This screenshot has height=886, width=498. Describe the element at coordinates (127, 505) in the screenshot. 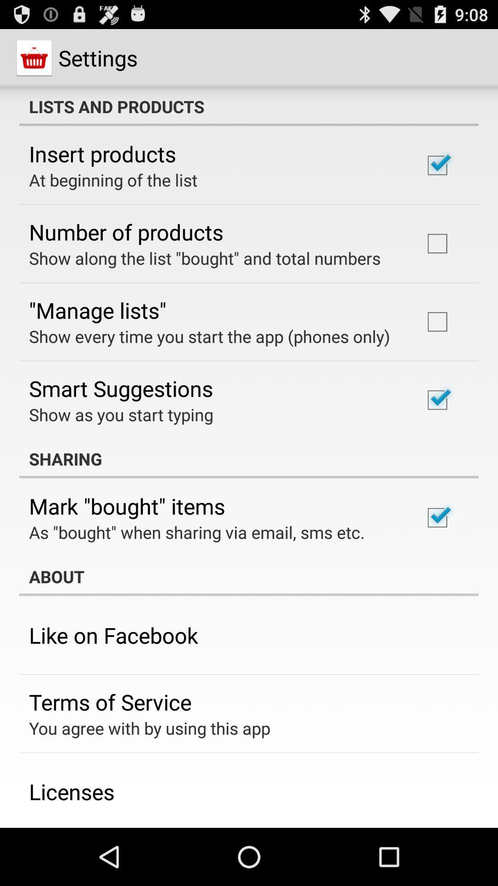

I see `the mark "bought" items` at that location.